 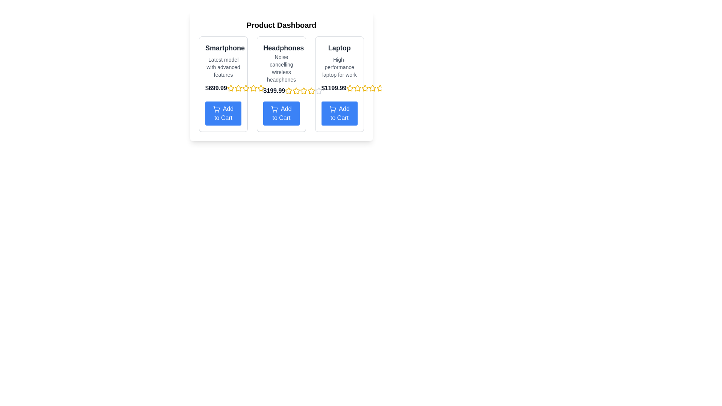 I want to click on the first star icon in the rating widget below the 'Headphones' product to rate it, so click(x=288, y=91).